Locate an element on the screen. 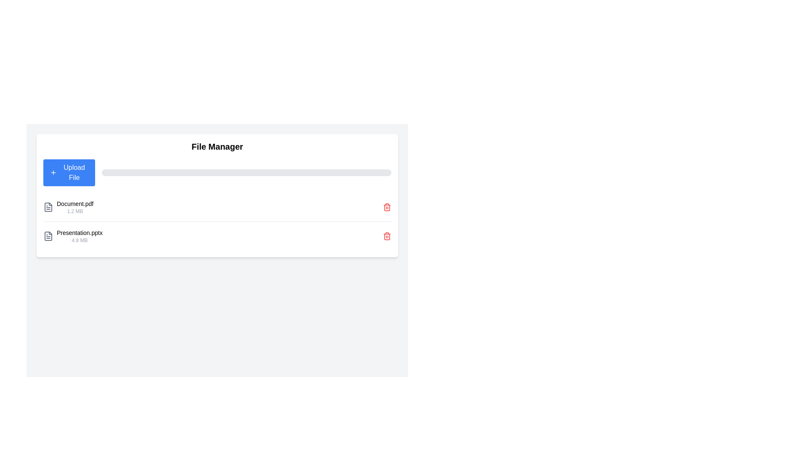 This screenshot has width=808, height=454. the first entry in the file manager list displaying the file 'Document.pdf' and its size '1.2 MB' for further details is located at coordinates (217, 207).